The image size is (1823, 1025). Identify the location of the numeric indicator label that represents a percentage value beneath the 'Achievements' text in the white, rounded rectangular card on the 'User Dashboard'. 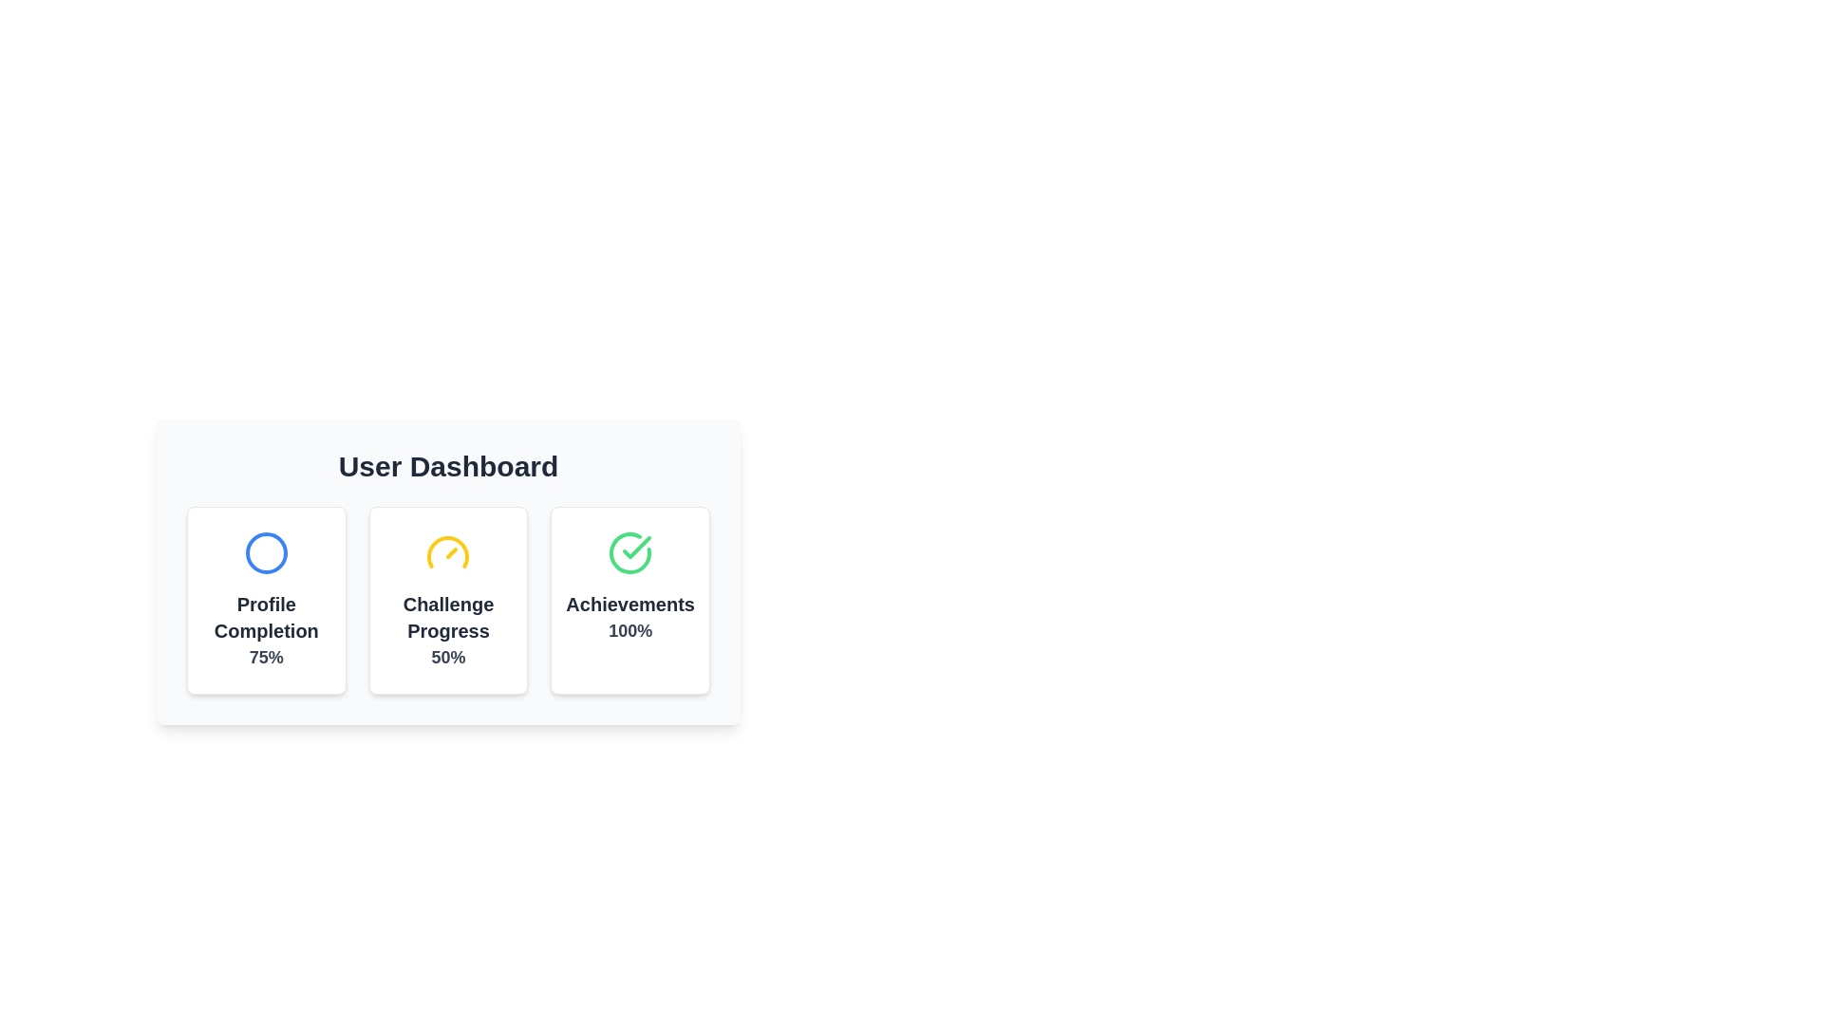
(630, 630).